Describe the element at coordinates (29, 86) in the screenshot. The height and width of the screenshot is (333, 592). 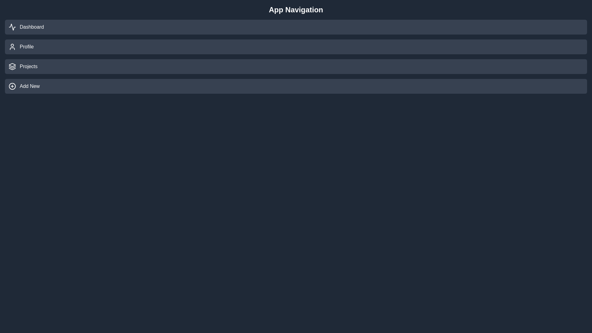
I see `the Text Label that indicates the button for adding new items, positioned as the fourth item in the vertical navigation list, directly beneath the 'Projects' item` at that location.